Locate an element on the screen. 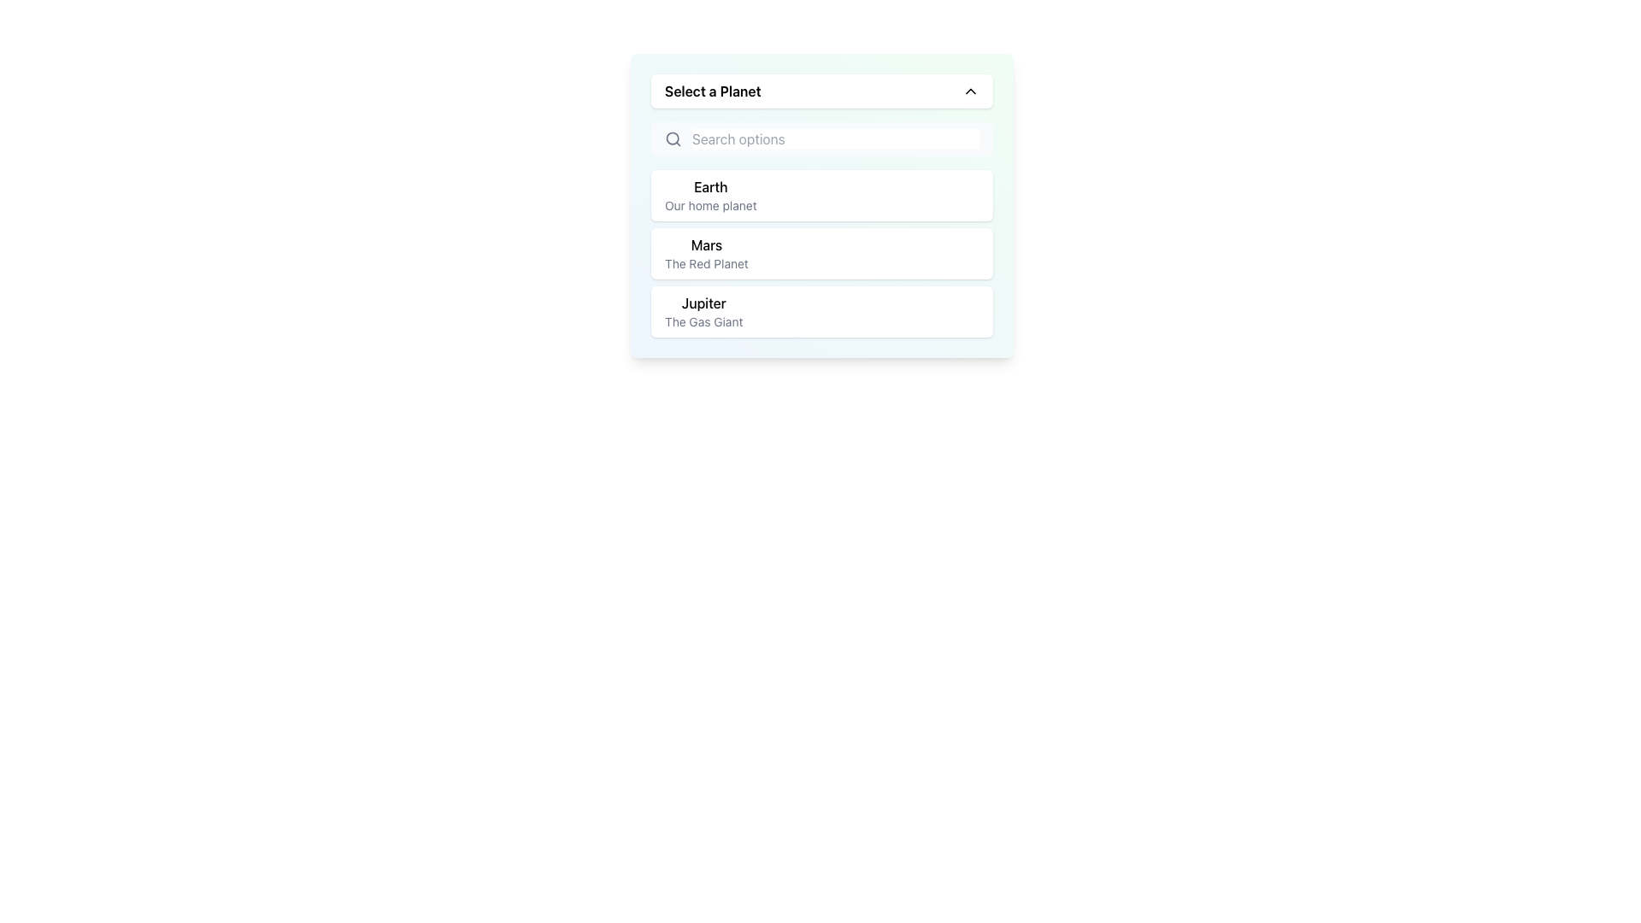 Image resolution: width=1641 pixels, height=923 pixels. the magnifying glass icon indicating the search functionality, located at the leftmost side of the search bar is located at coordinates (672, 138).